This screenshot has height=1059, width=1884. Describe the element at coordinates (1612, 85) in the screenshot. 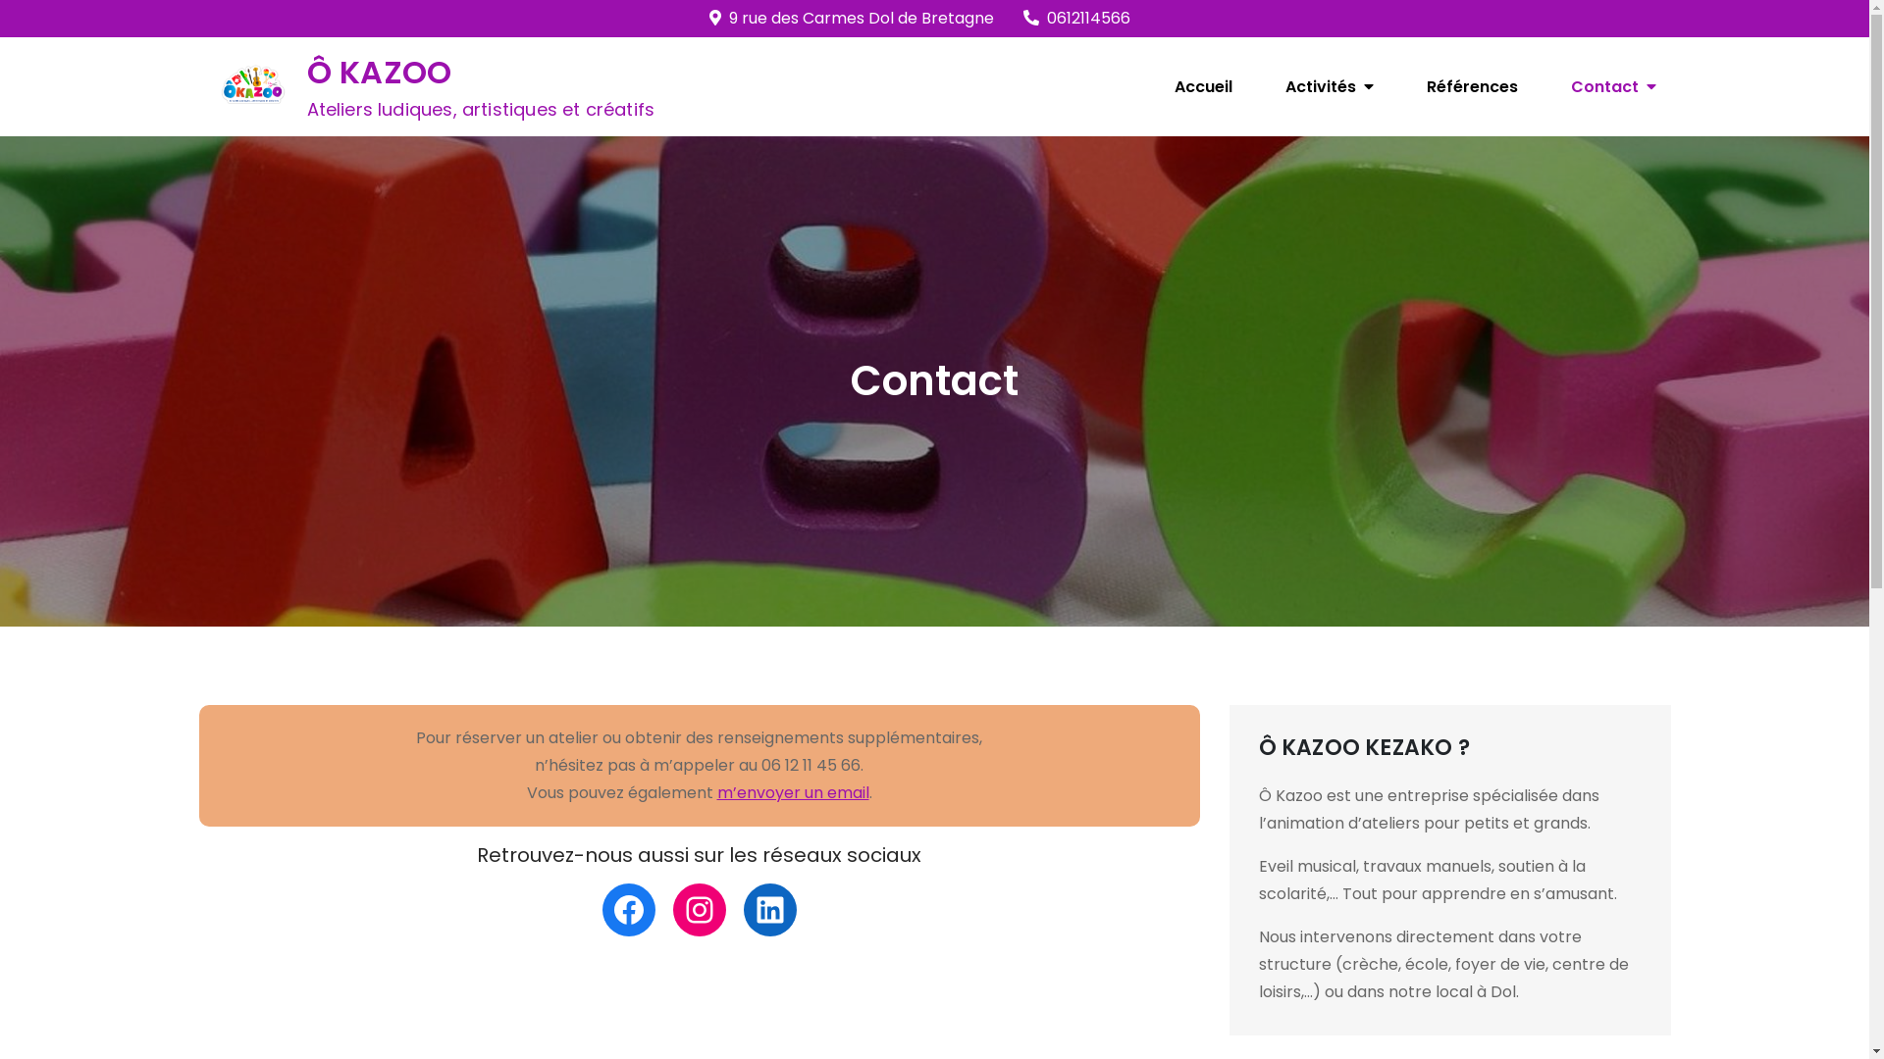

I see `'Contact'` at that location.